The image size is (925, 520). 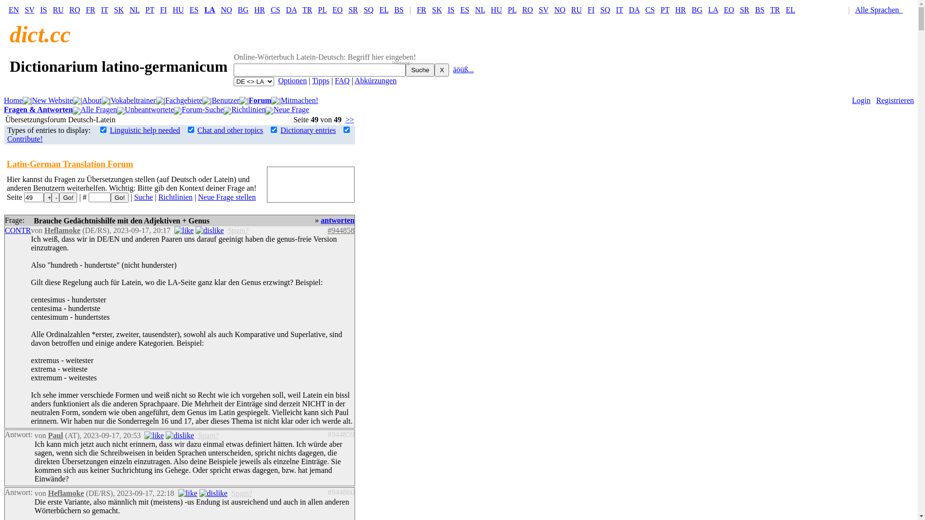 What do you see at coordinates (441, 69) in the screenshot?
I see `'X'` at bounding box center [441, 69].